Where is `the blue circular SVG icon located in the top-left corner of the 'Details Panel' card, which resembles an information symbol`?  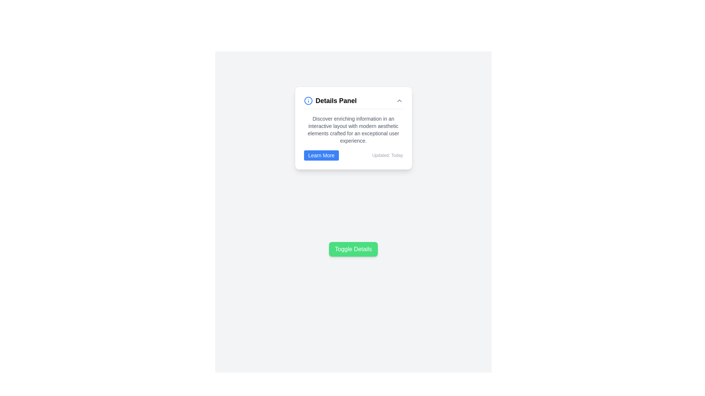
the blue circular SVG icon located in the top-left corner of the 'Details Panel' card, which resembles an information symbol is located at coordinates (308, 100).